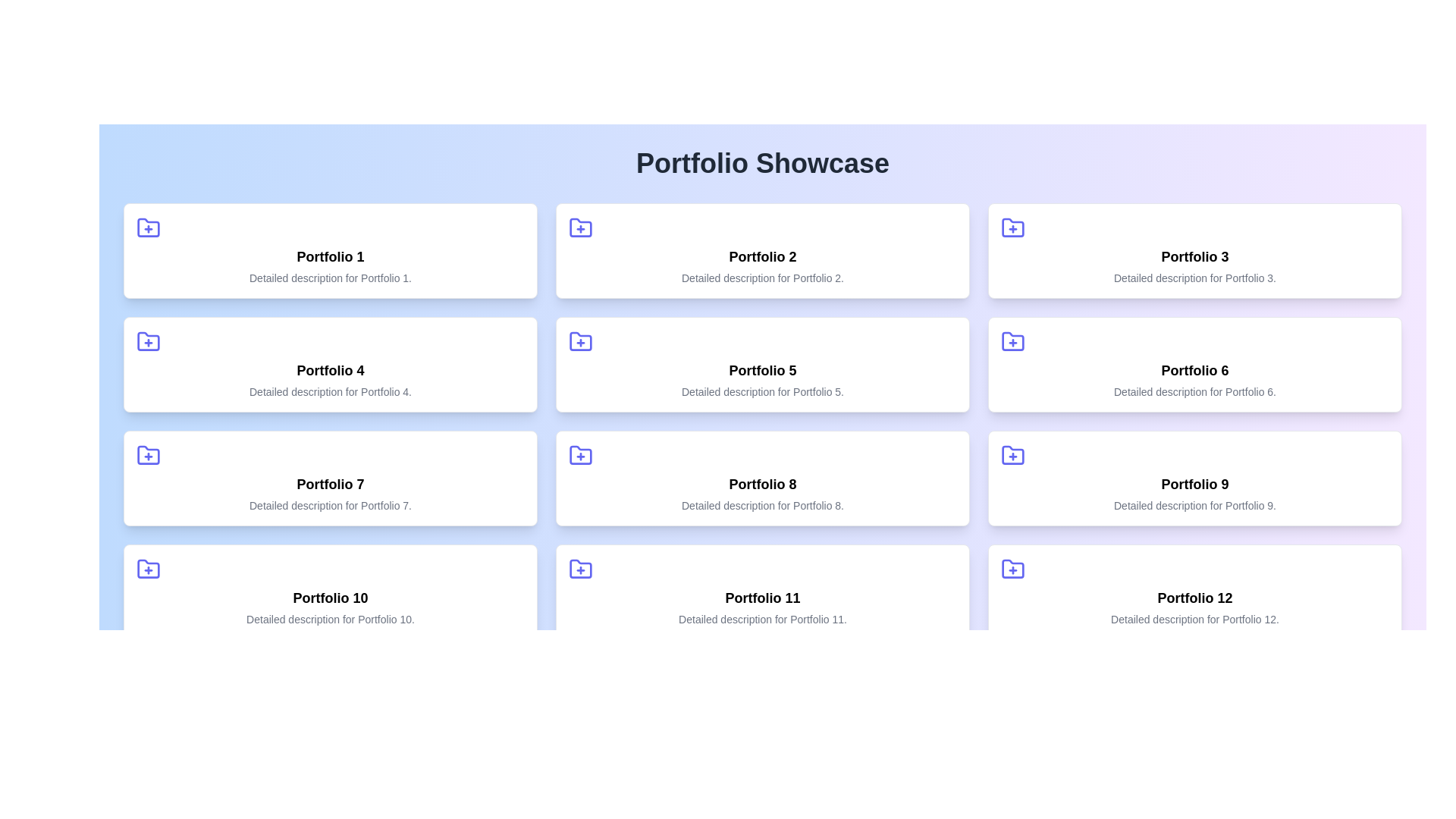 The image size is (1456, 819). What do you see at coordinates (580, 454) in the screenshot?
I see `the icon representing the ability to add new content or manage items related to Portfolio 8, located on the eighth portfolio card in the grid layout, to the left of the title 'Portfolio 8'` at bounding box center [580, 454].